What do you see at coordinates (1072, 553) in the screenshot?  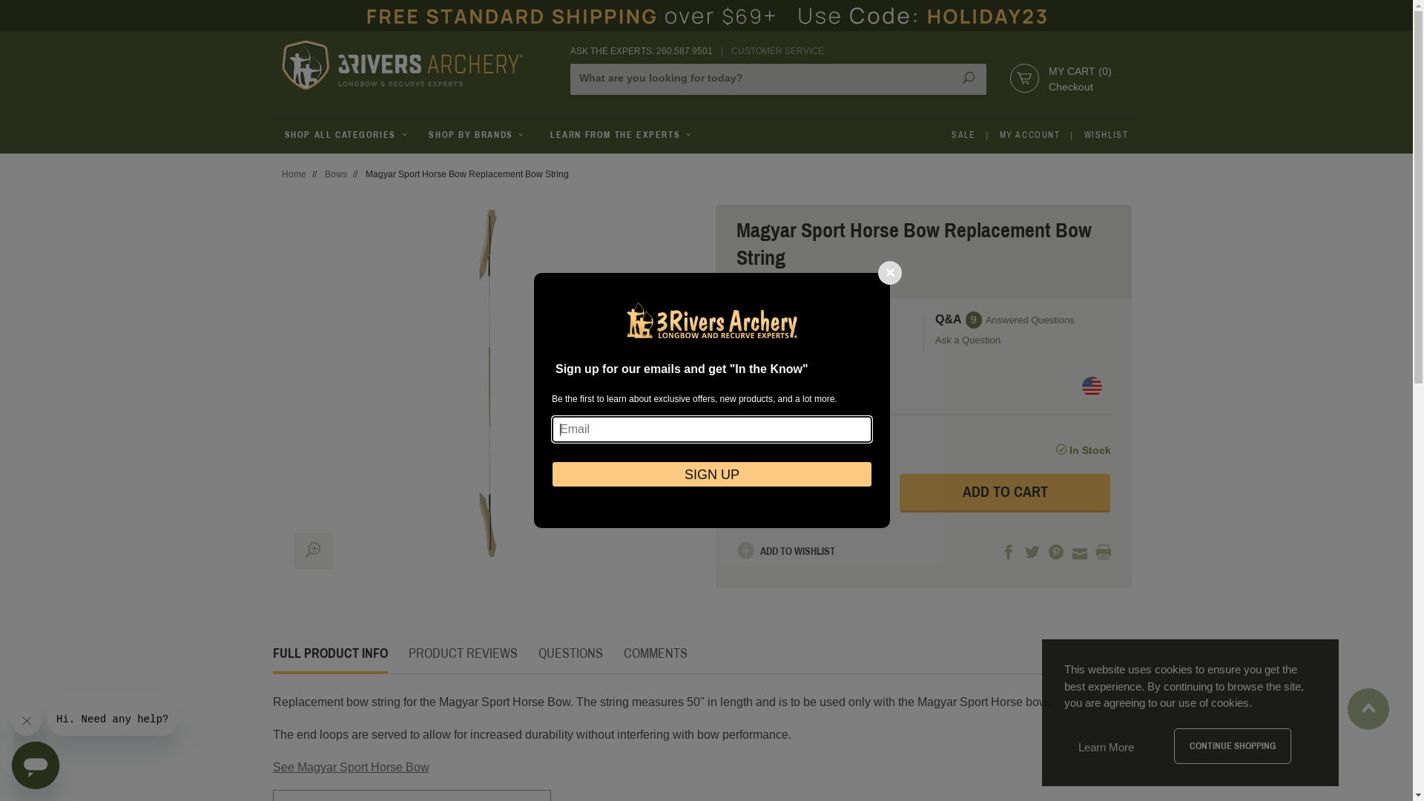 I see `'Email to a Friend'` at bounding box center [1072, 553].